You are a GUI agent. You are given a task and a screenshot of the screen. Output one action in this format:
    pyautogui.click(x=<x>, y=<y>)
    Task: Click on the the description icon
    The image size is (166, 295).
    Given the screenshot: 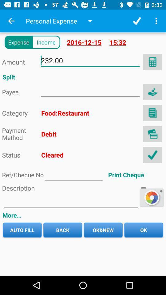 What is the action you would take?
    pyautogui.click(x=152, y=112)
    